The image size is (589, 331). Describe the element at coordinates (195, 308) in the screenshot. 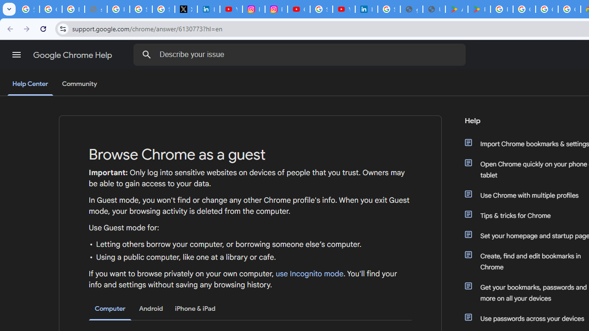

I see `'iPhone & iPad'` at that location.